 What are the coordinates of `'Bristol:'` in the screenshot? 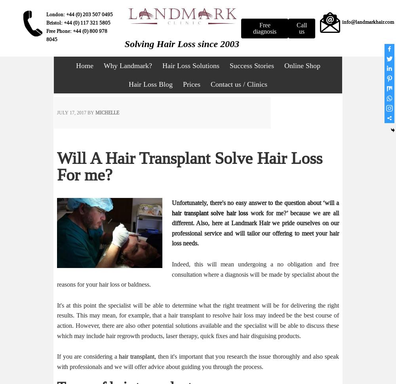 It's located at (55, 22).